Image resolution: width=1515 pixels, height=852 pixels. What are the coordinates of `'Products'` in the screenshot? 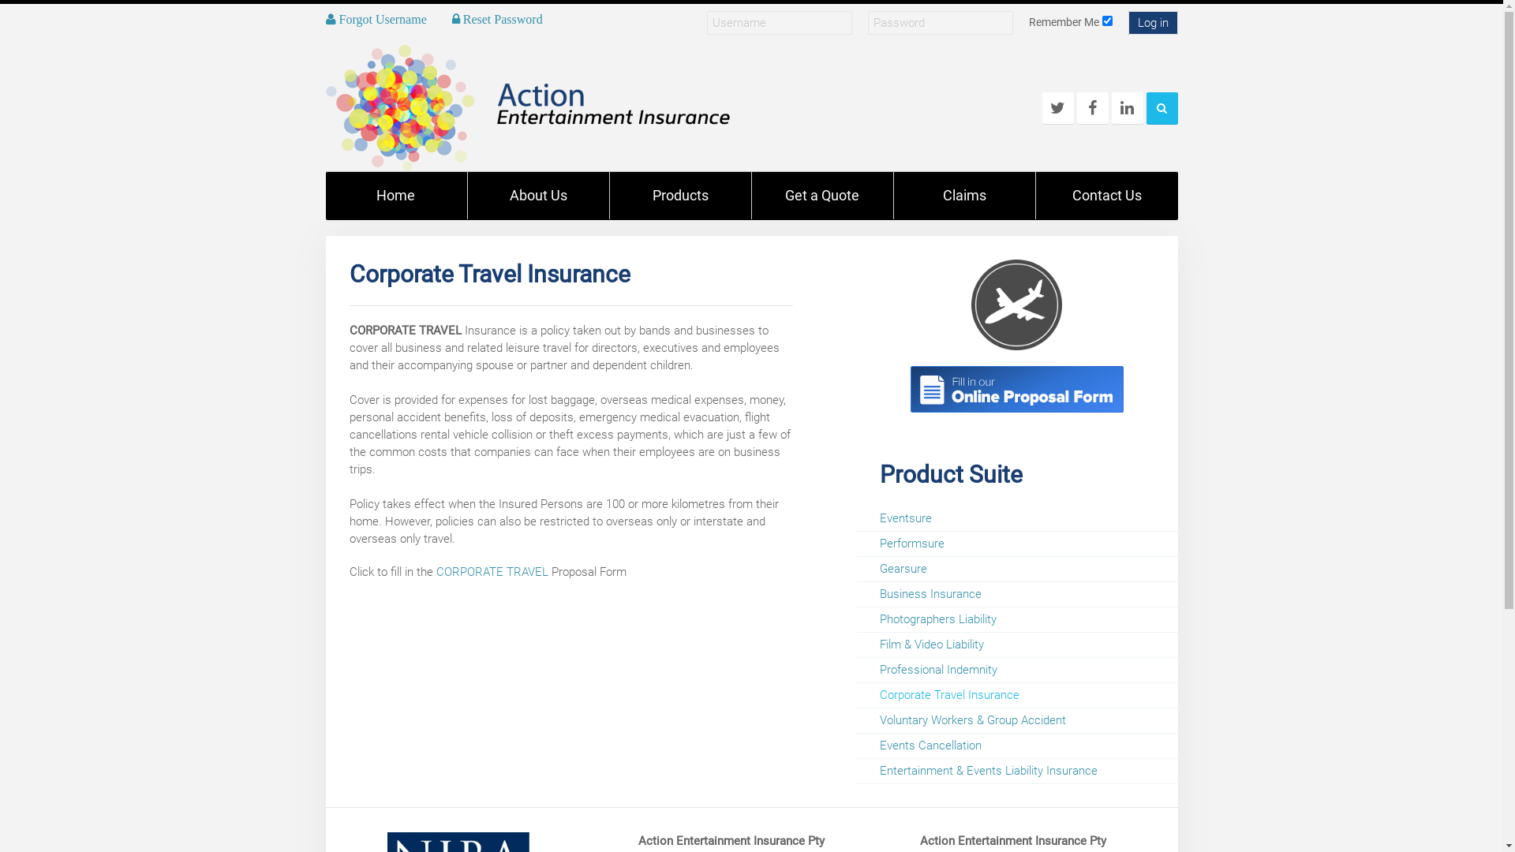 It's located at (680, 194).